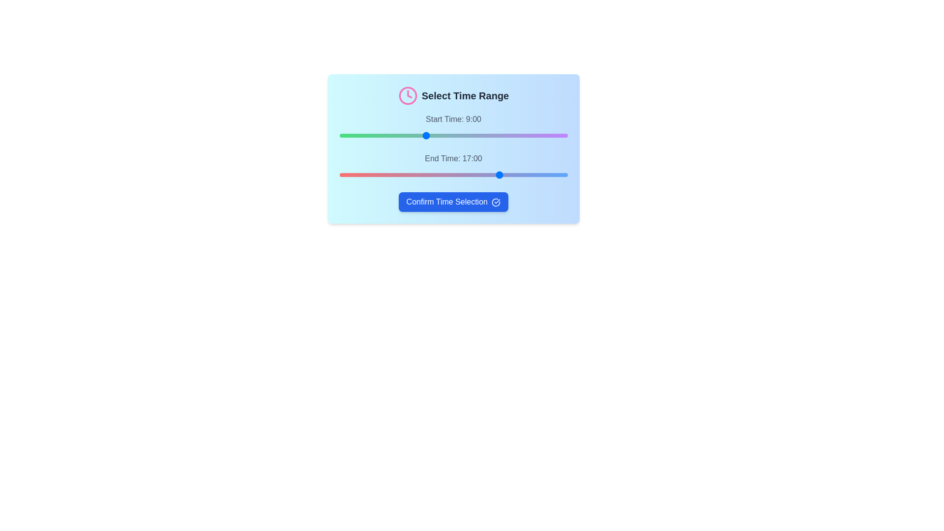 This screenshot has width=944, height=531. What do you see at coordinates (491, 174) in the screenshot?
I see `the end time slider to 16 hours` at bounding box center [491, 174].